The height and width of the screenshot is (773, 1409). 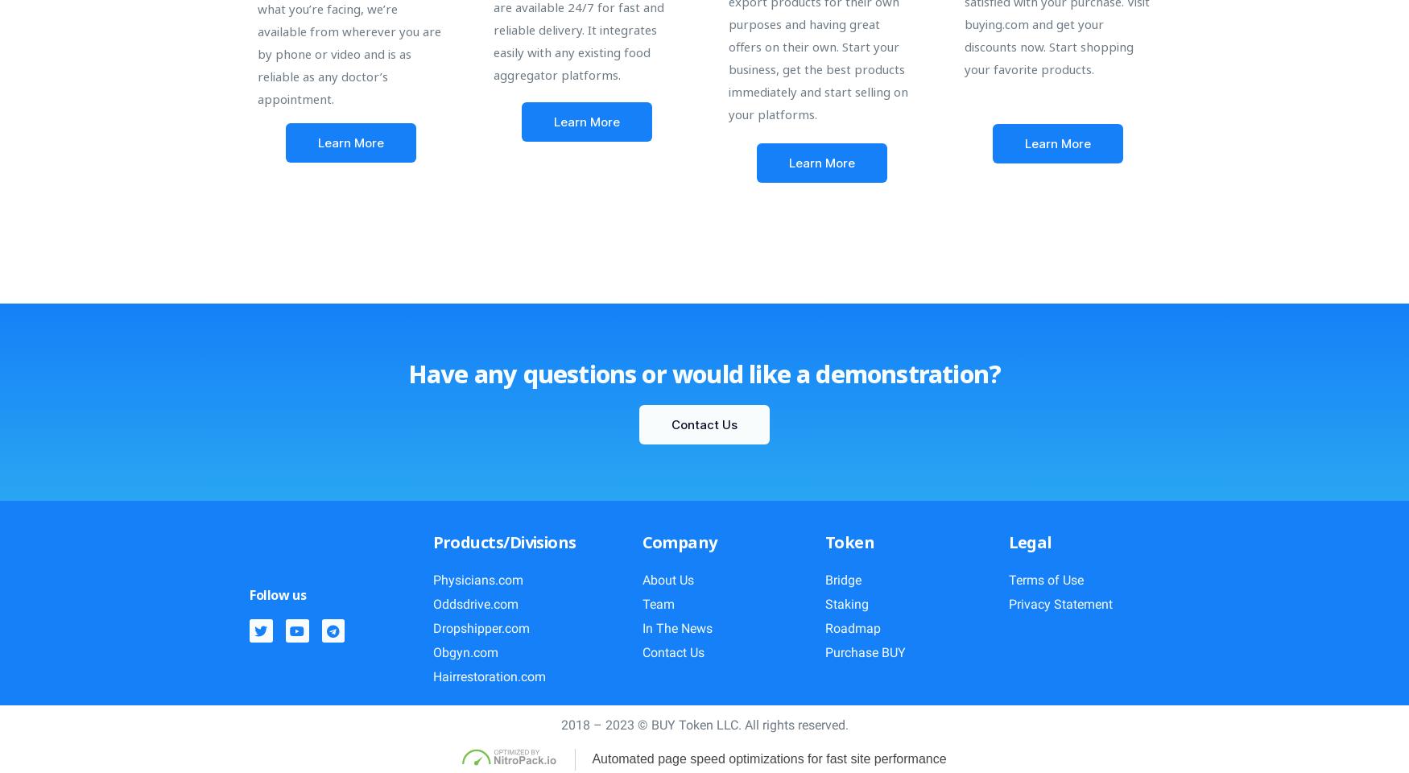 What do you see at coordinates (866, 651) in the screenshot?
I see `'Purchase BUY'` at bounding box center [866, 651].